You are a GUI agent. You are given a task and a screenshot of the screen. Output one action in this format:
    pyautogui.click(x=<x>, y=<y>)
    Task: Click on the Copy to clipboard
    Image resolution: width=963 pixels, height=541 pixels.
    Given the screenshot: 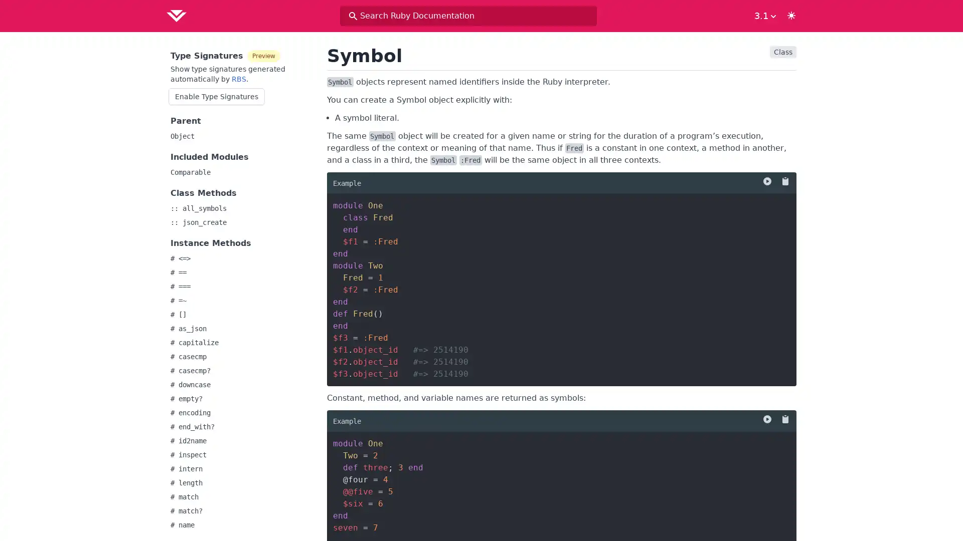 What is the action you would take?
    pyautogui.click(x=782, y=181)
    